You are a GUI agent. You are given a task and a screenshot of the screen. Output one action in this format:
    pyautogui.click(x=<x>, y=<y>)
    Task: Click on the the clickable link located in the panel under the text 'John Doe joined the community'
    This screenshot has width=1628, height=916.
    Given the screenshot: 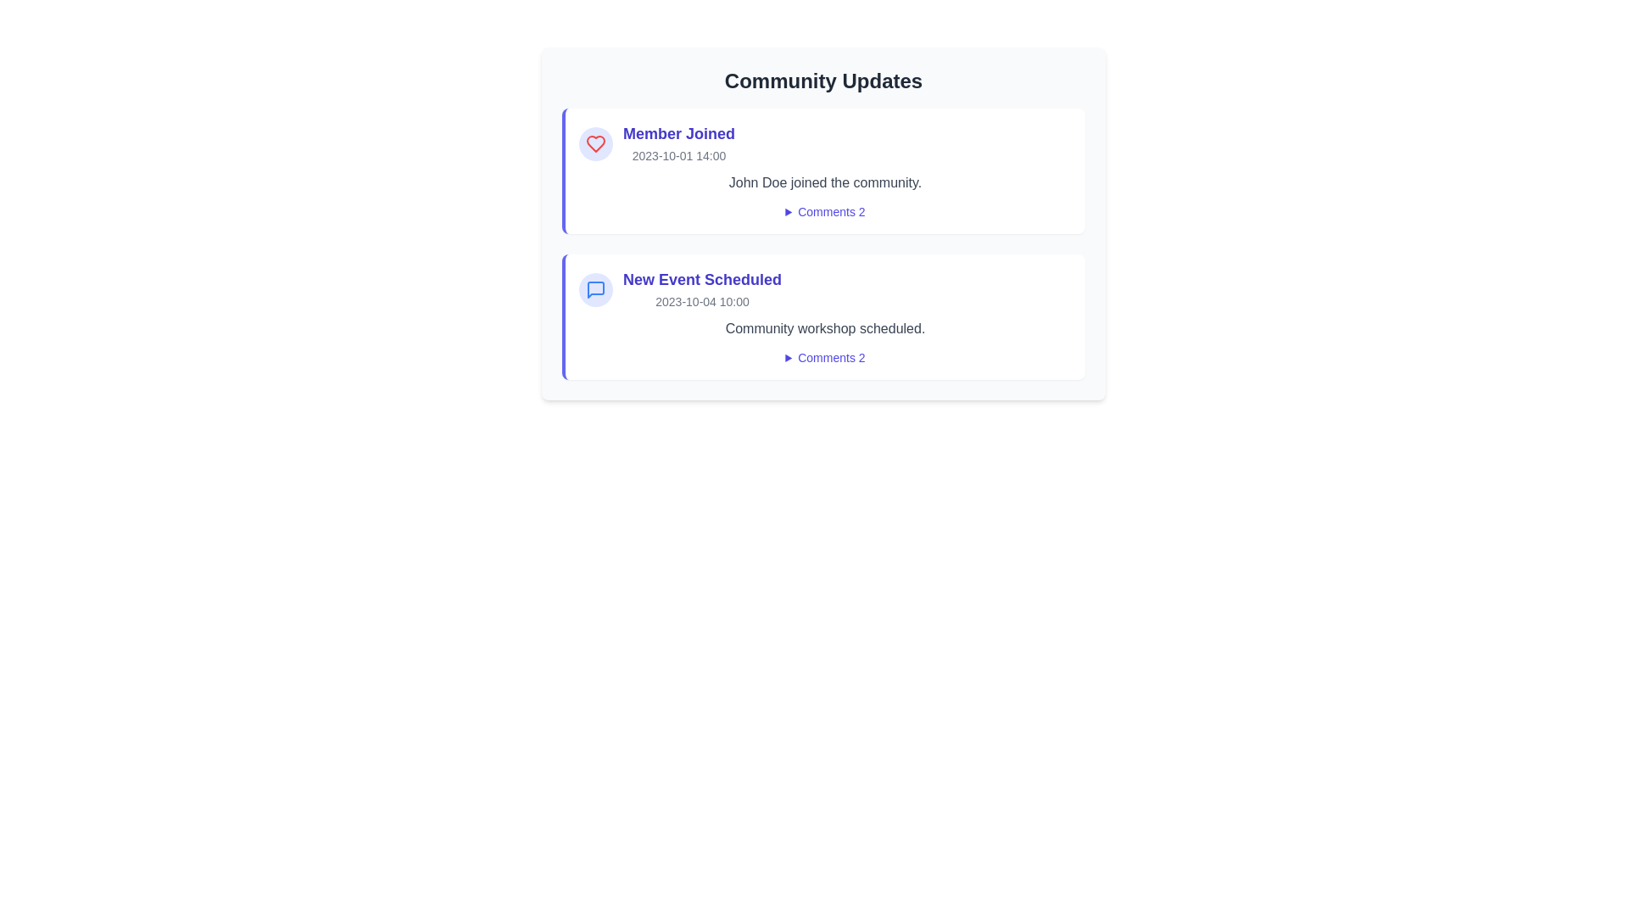 What is the action you would take?
    pyautogui.click(x=825, y=211)
    